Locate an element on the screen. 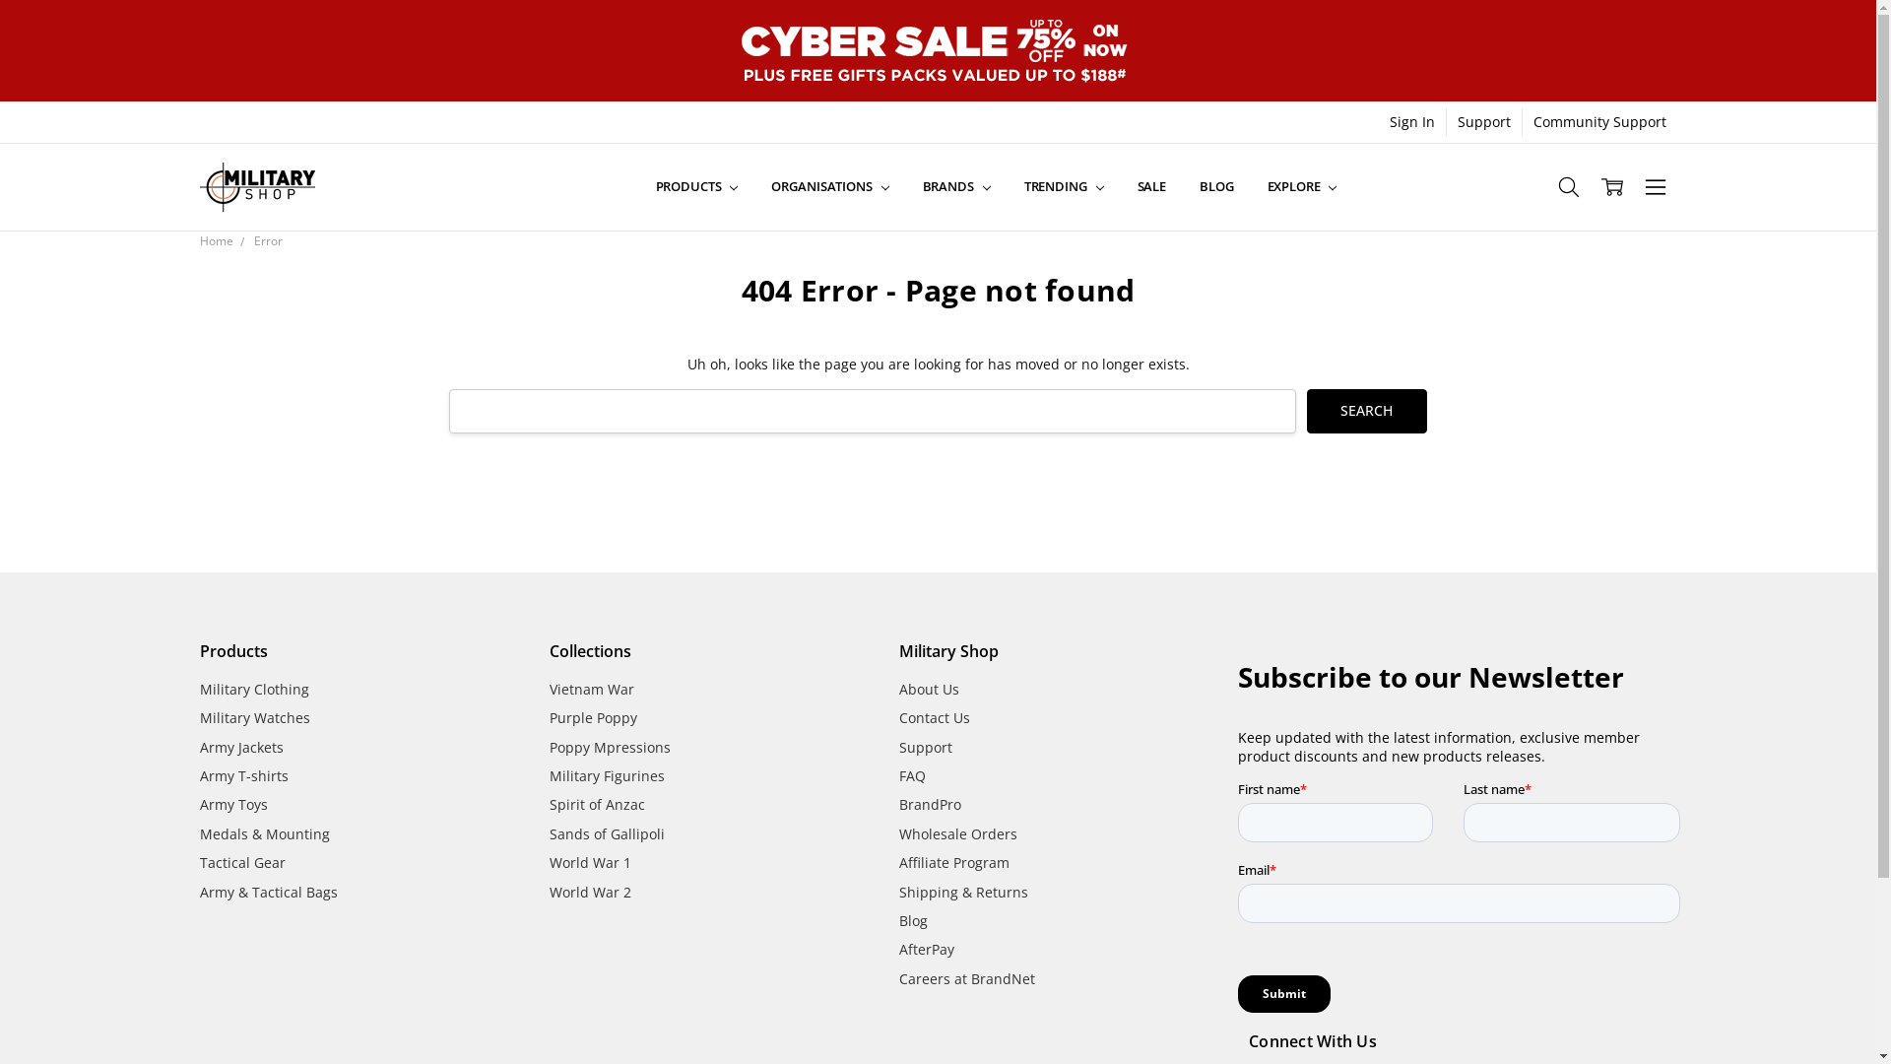 This screenshot has width=1891, height=1064. 'Affiliate Program' is located at coordinates (954, 861).